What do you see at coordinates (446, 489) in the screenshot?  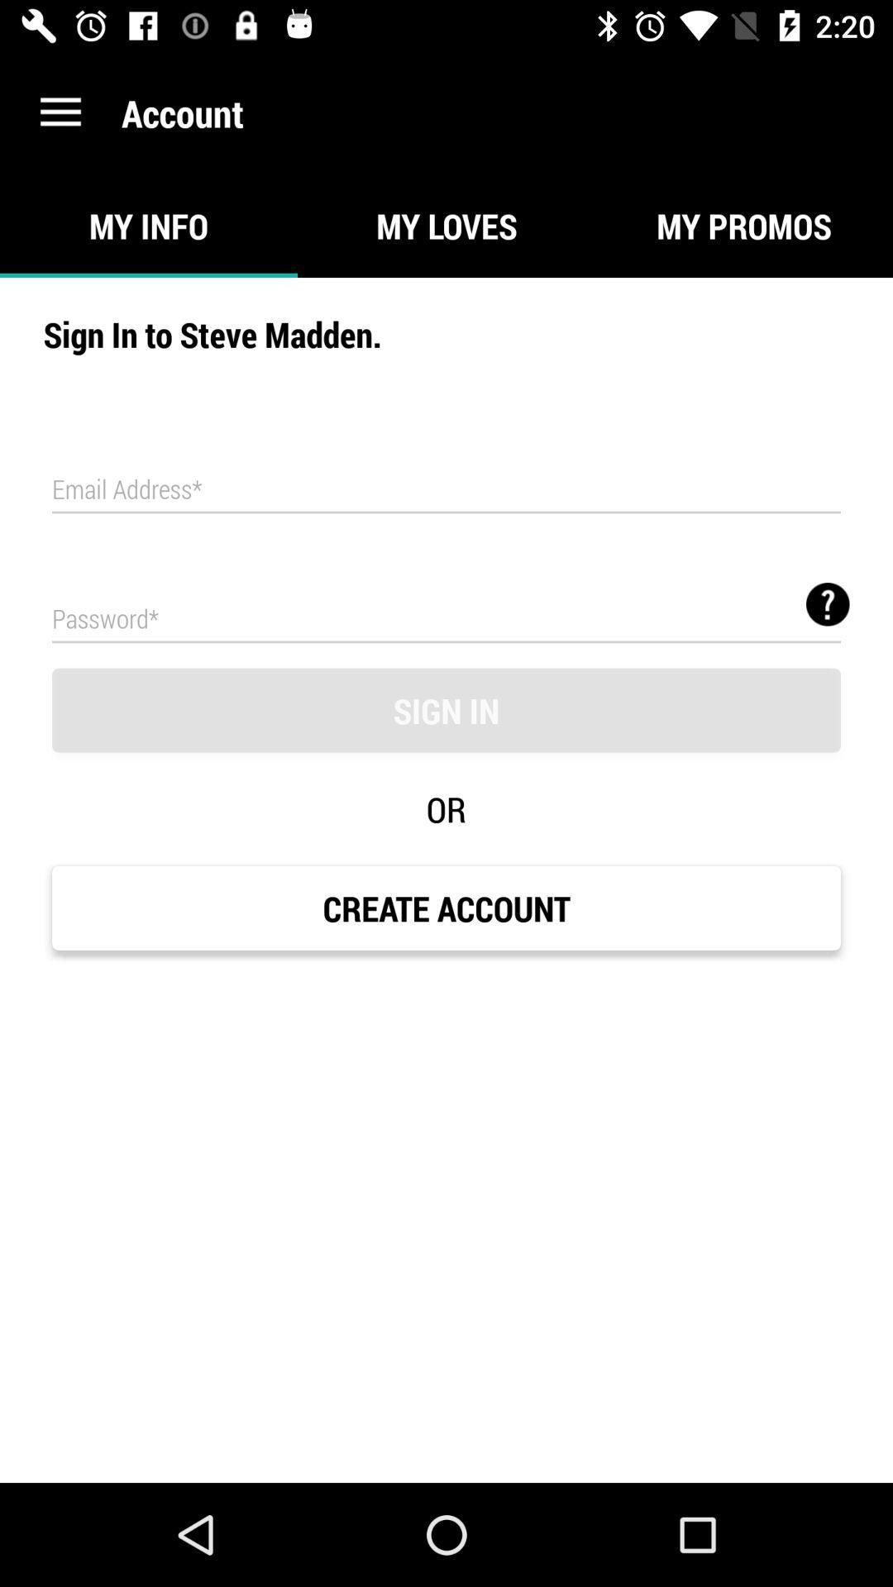 I see `icon below sign in to icon` at bounding box center [446, 489].